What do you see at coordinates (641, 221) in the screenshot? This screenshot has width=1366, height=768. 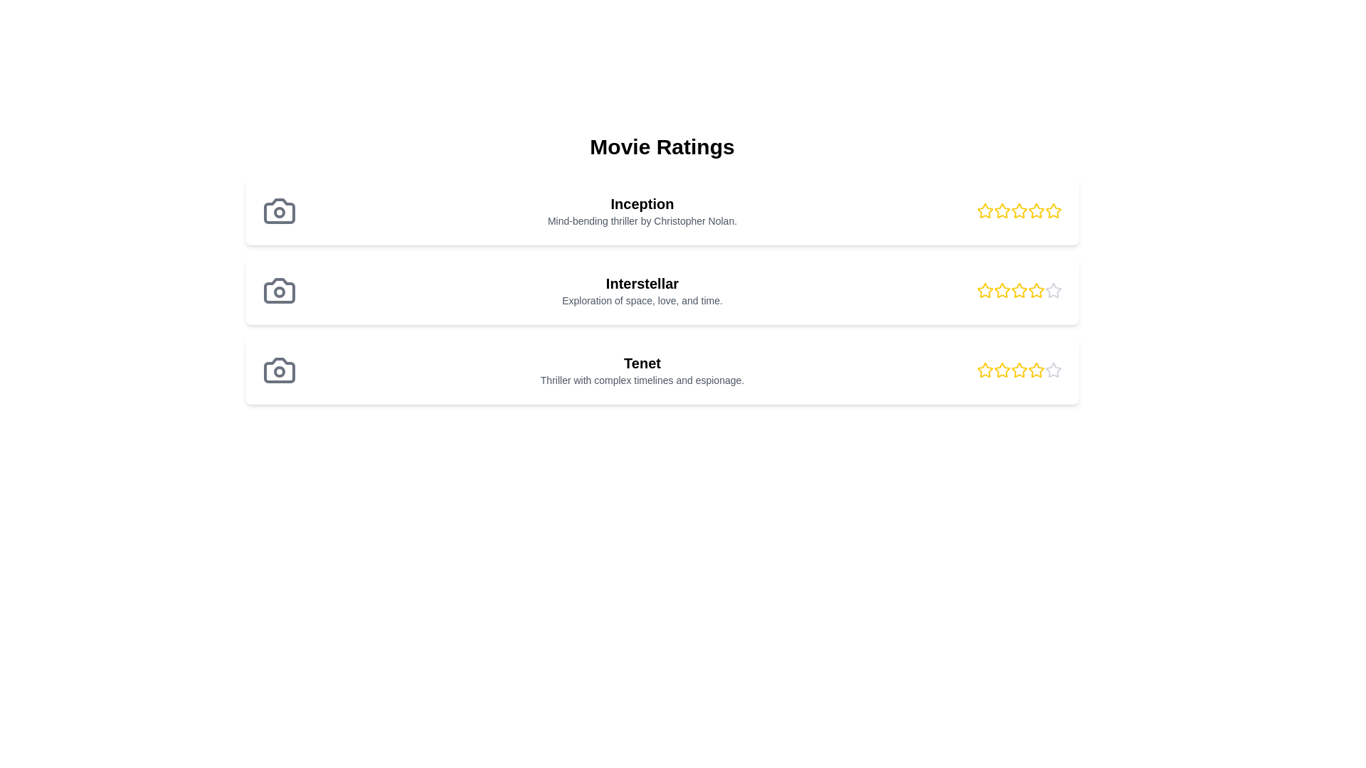 I see `descriptive text labeled 'Mind-bending thriller by Christopher Nolan.' located below the title 'Inception' in the Movie Ratings section` at bounding box center [641, 221].